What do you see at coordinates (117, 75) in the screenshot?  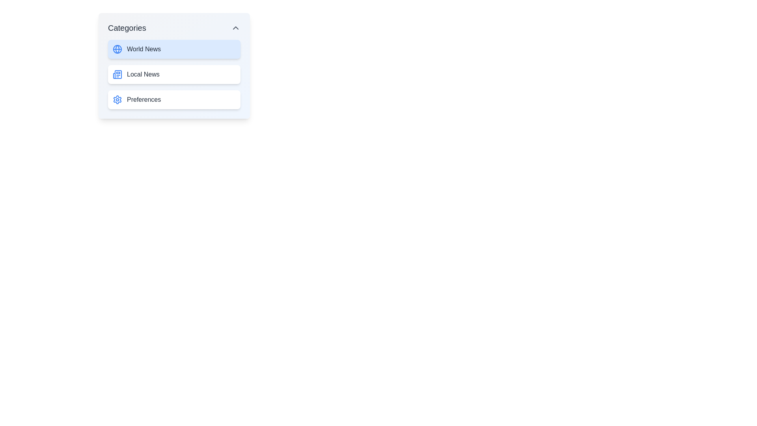 I see `the leftmost icon representing 'Local News' in the 'Categories' section of the navigational menu` at bounding box center [117, 75].